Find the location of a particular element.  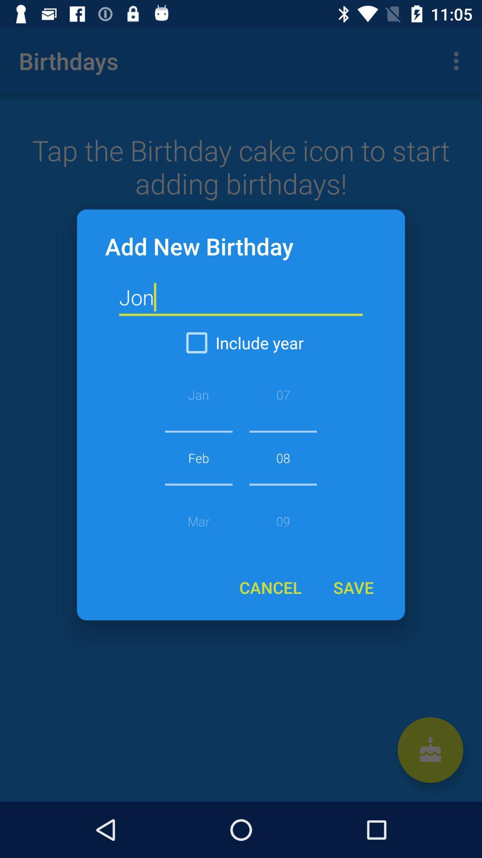

the icon below 08 is located at coordinates (270, 587).